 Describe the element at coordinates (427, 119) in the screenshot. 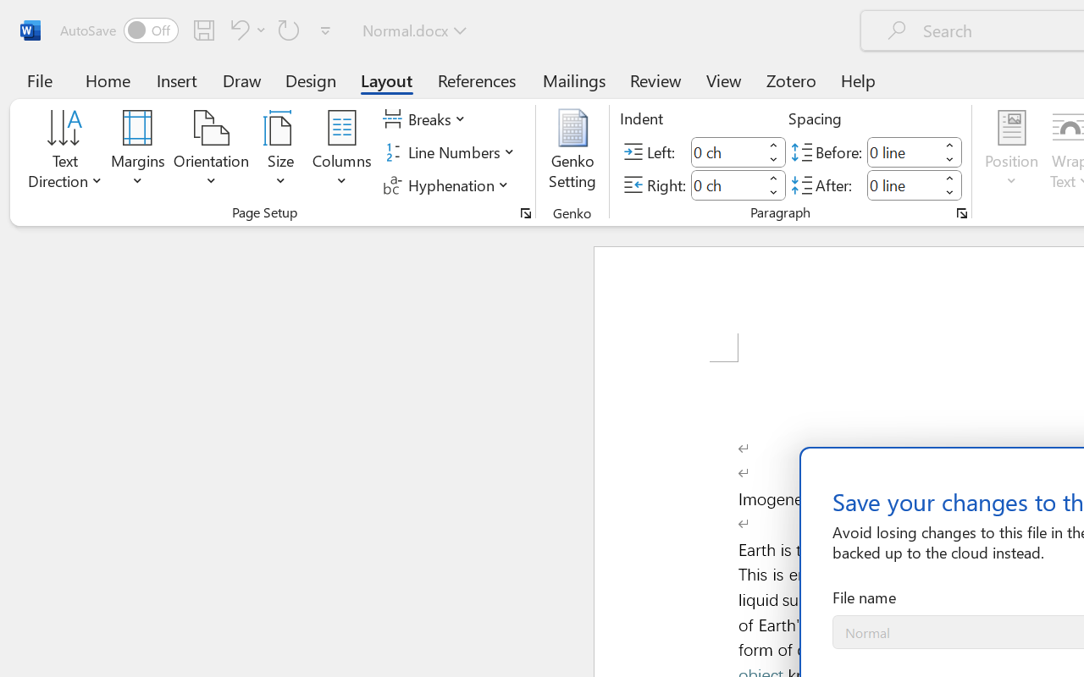

I see `'Breaks'` at that location.